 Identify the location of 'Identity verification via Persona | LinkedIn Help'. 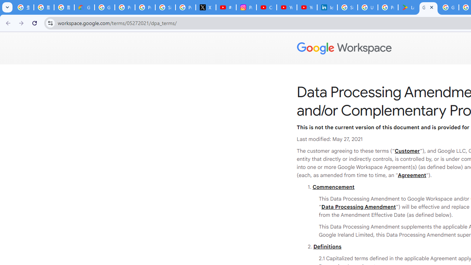
(326, 7).